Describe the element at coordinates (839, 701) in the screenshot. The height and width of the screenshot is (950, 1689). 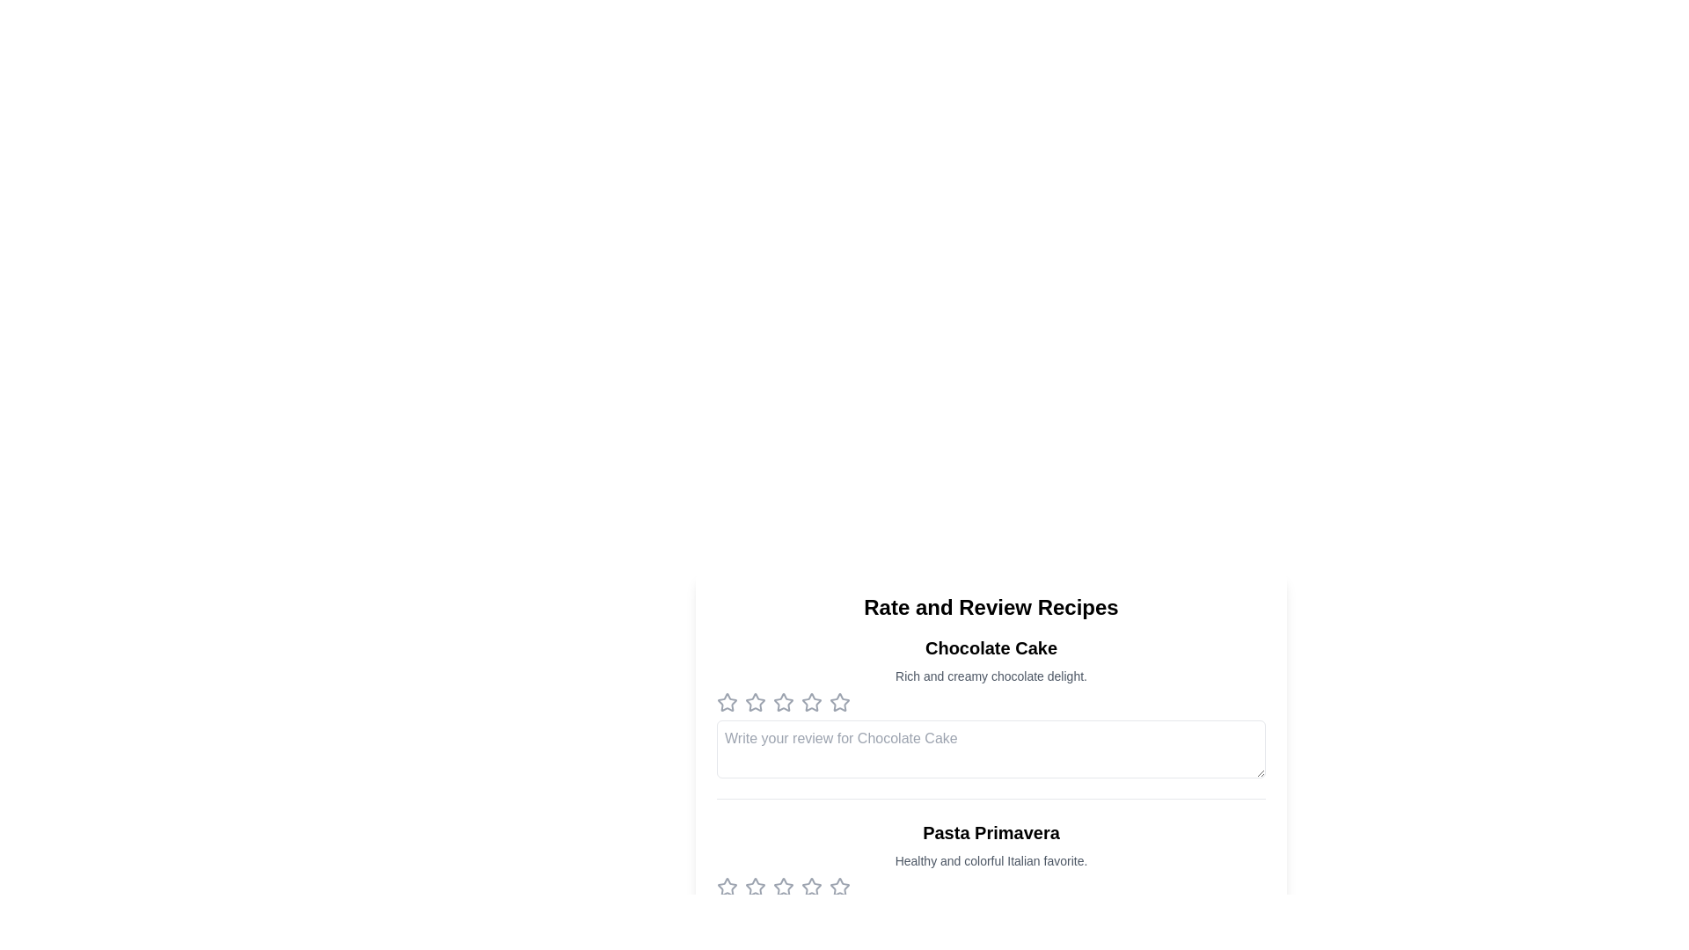
I see `across the fourth star-shaped rating icon` at that location.